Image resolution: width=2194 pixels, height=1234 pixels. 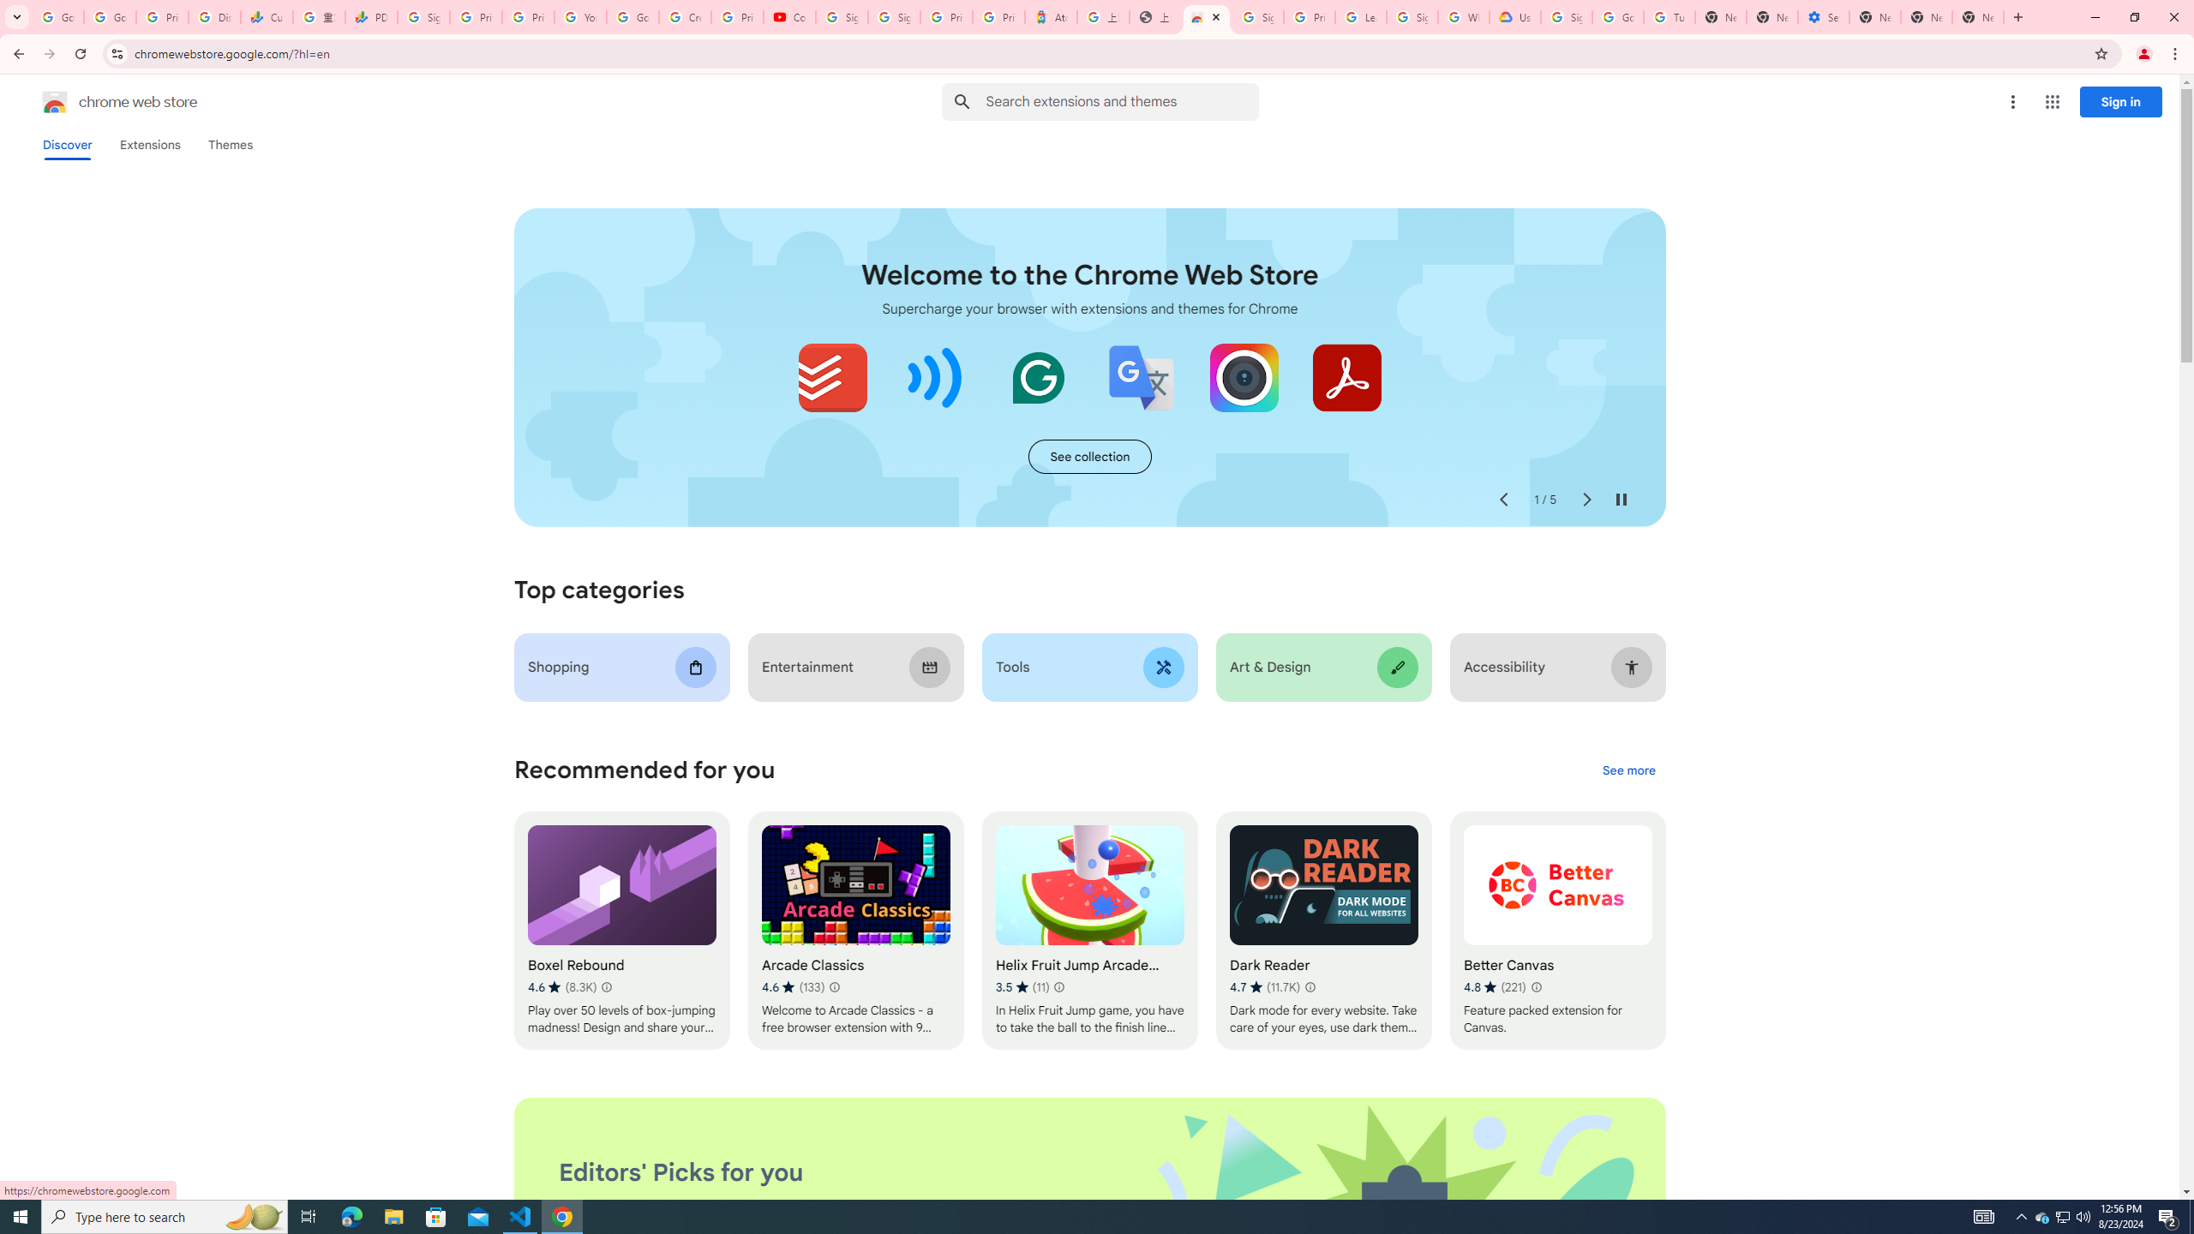 I want to click on 'Accessibility', so click(x=1557, y=667).